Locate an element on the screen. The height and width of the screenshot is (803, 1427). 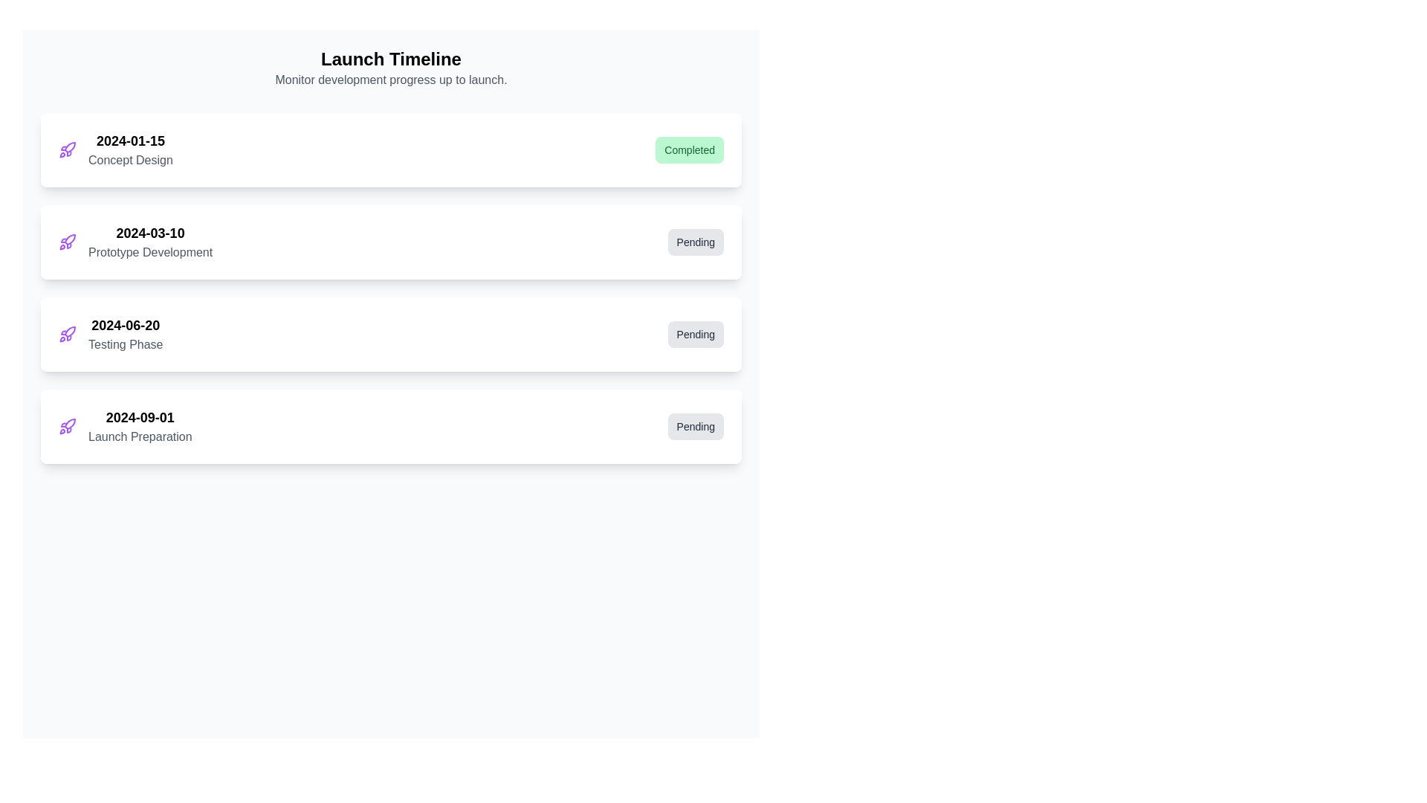
the purple rocket icon located to the left of the '2024-09-01' text and above the 'Launch Preparation' text in the fourth timeline item is located at coordinates (67, 427).